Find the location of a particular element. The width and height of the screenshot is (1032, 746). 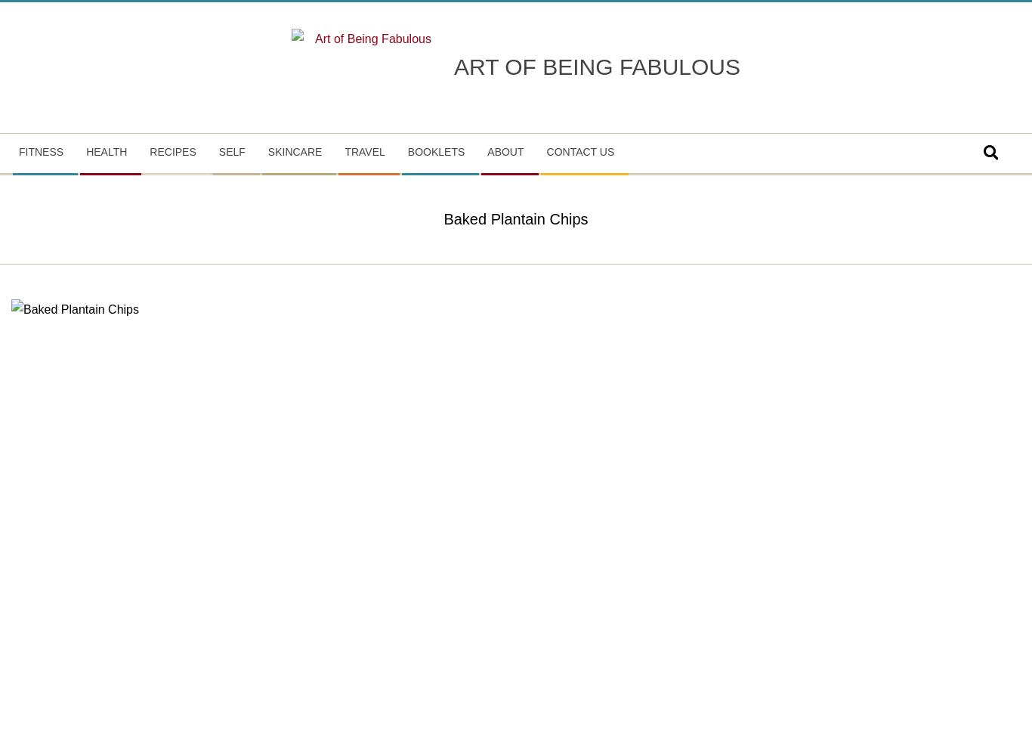

'Travel' is located at coordinates (364, 150).